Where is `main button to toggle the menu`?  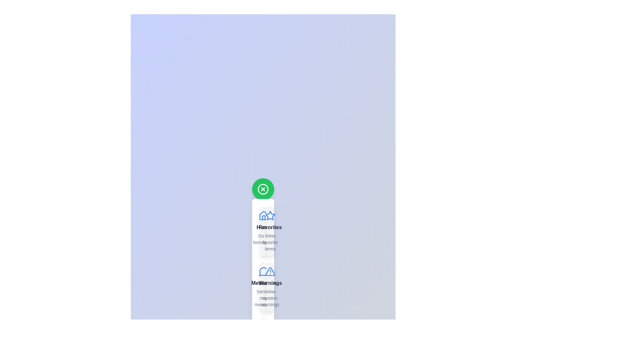 main button to toggle the menu is located at coordinates (263, 189).